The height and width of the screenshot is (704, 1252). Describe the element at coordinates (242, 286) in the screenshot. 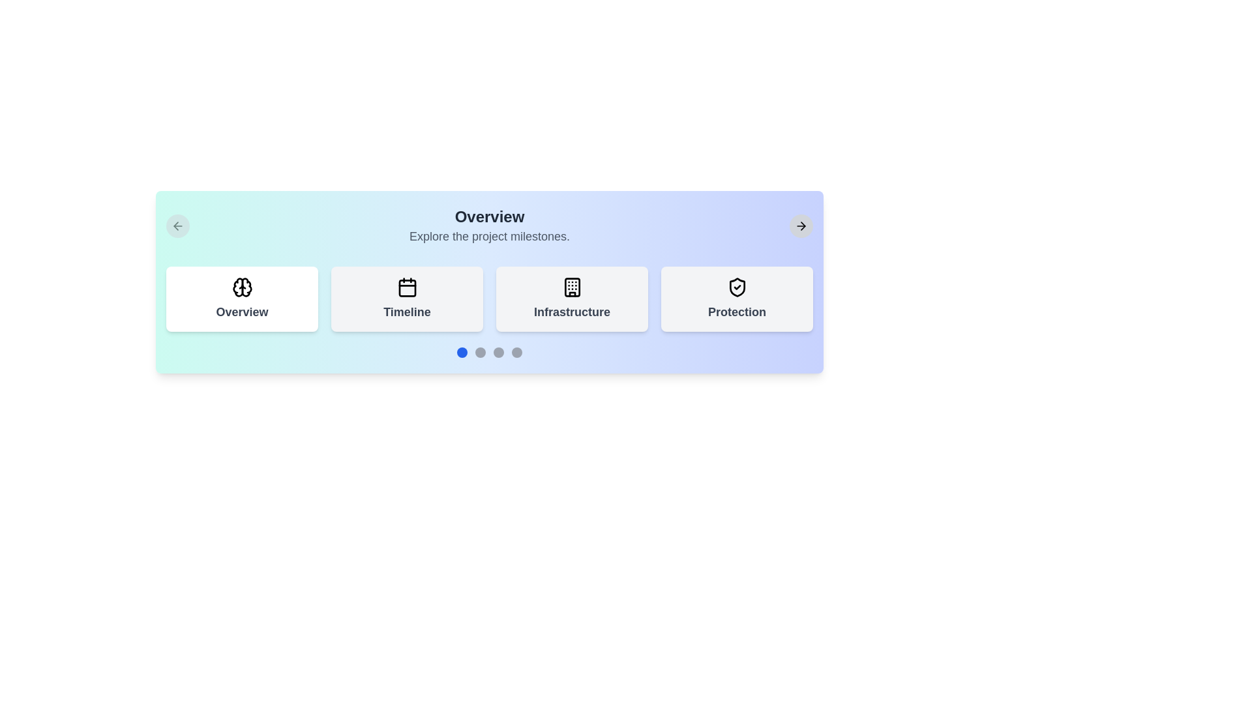

I see `the 'Overview' button icon, which is visually indicated by its rounded rectangular shape and is the first button in a row of similar buttons` at that location.